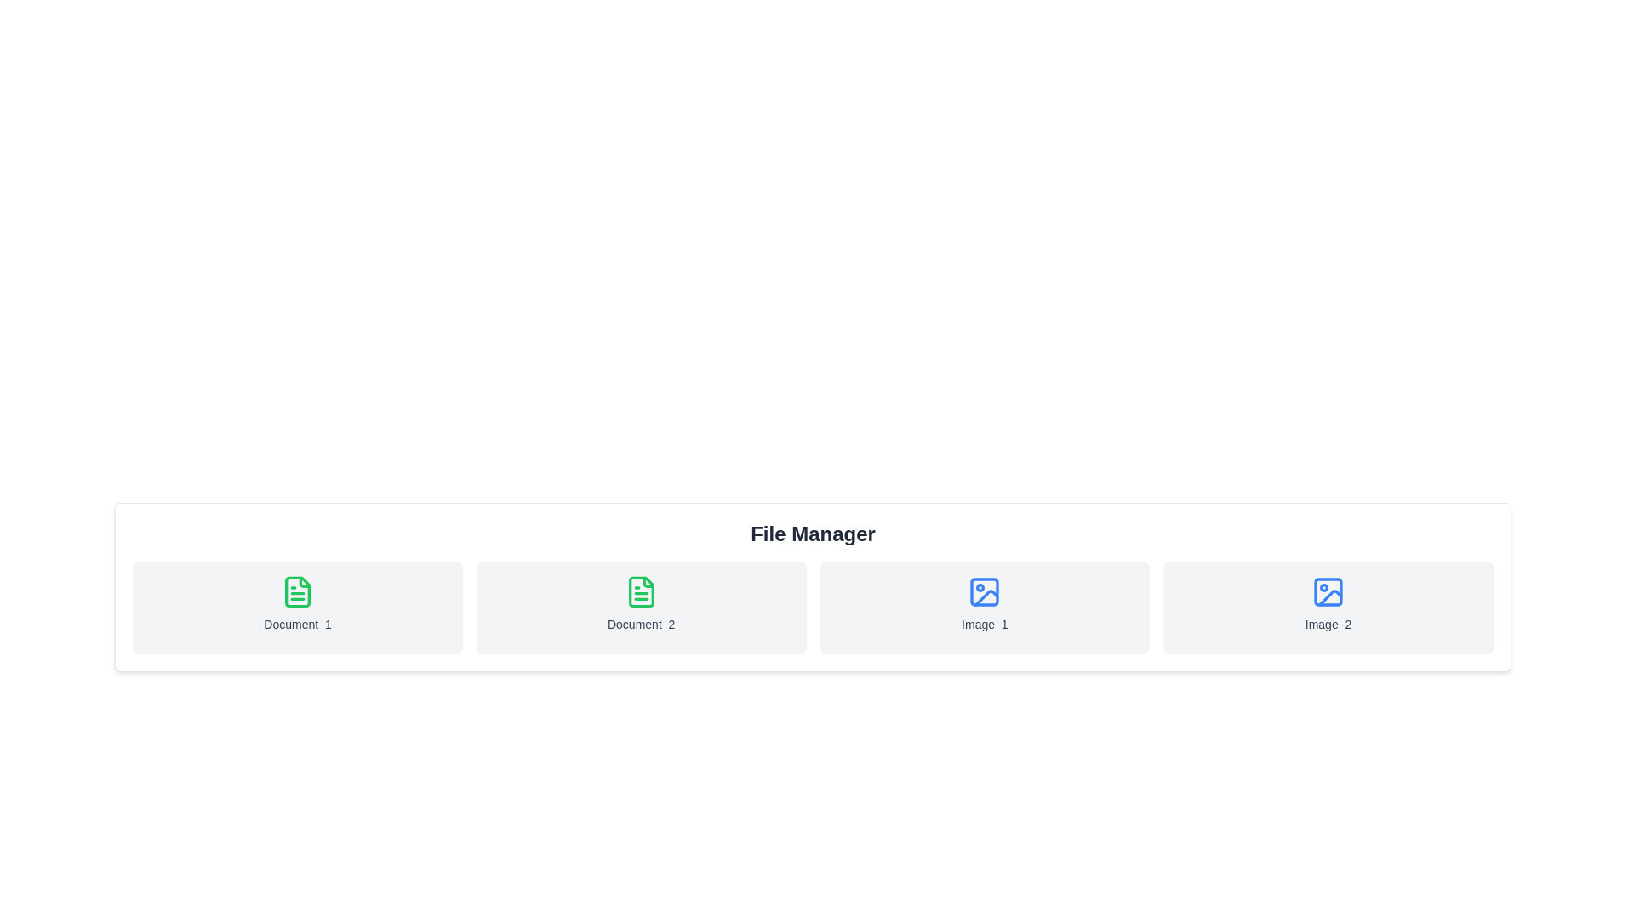  Describe the element at coordinates (1327, 606) in the screenshot. I see `the rectangular card with rounded edges that has a light gray background and contains a blue icon at the center top, labeled 'Image_2' in smaller gray font` at that location.